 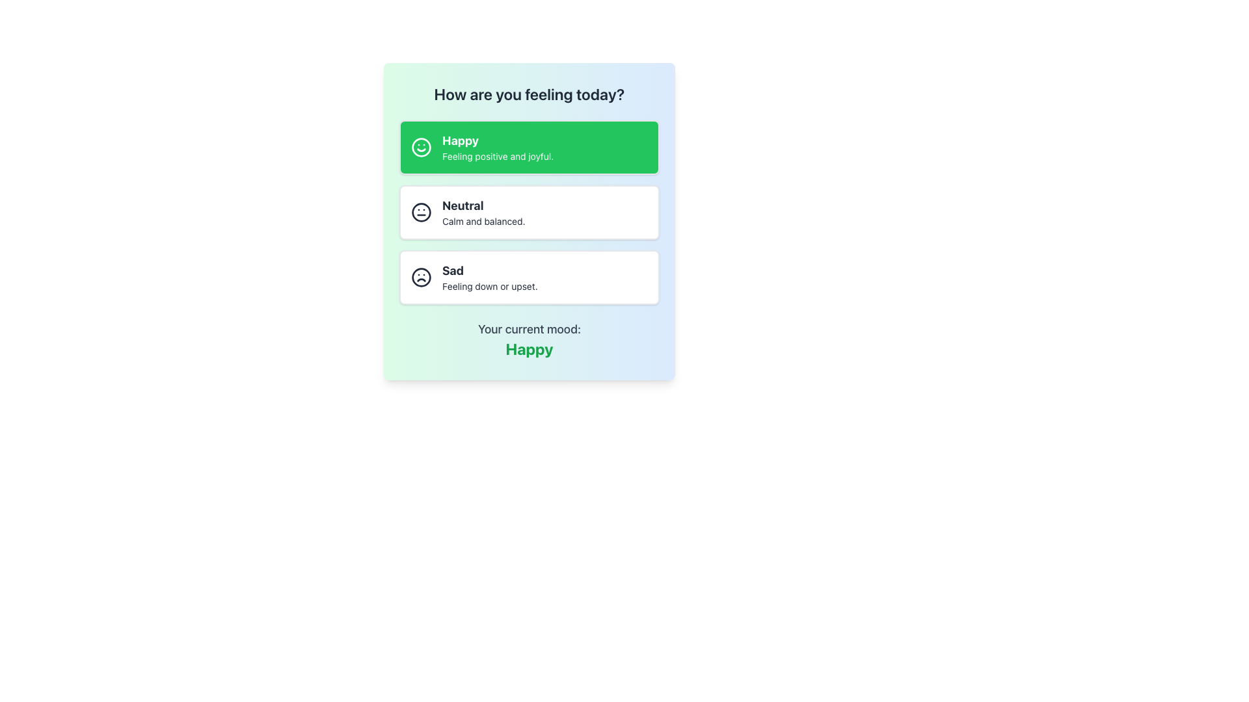 What do you see at coordinates (530, 348) in the screenshot?
I see `the bold-text display reading 'Happy', which is styled in a larger font size and green color` at bounding box center [530, 348].